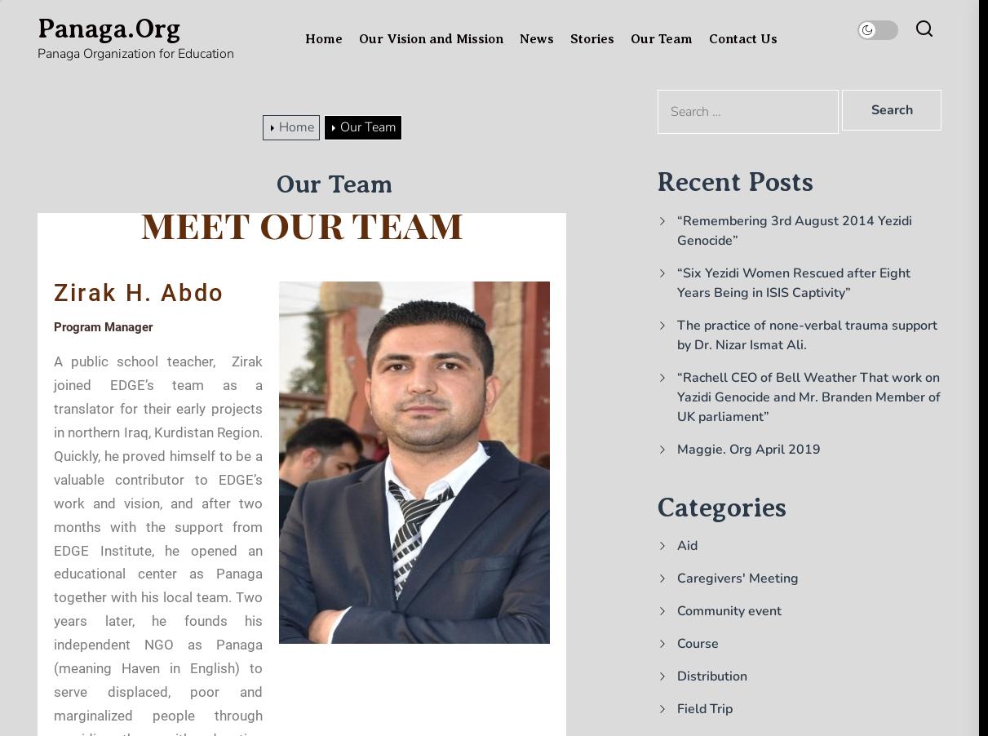 The image size is (988, 736). I want to click on 'Panaga Organization for Education', so click(37, 53).